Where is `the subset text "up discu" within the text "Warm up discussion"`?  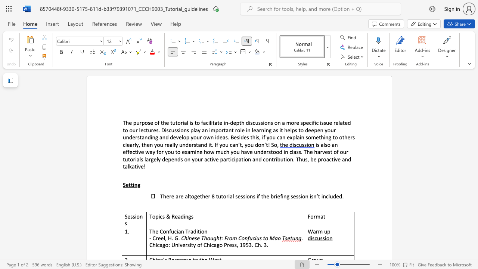 the subset text "up discu" within the text "Warm up discussion" is located at coordinates (324, 231).